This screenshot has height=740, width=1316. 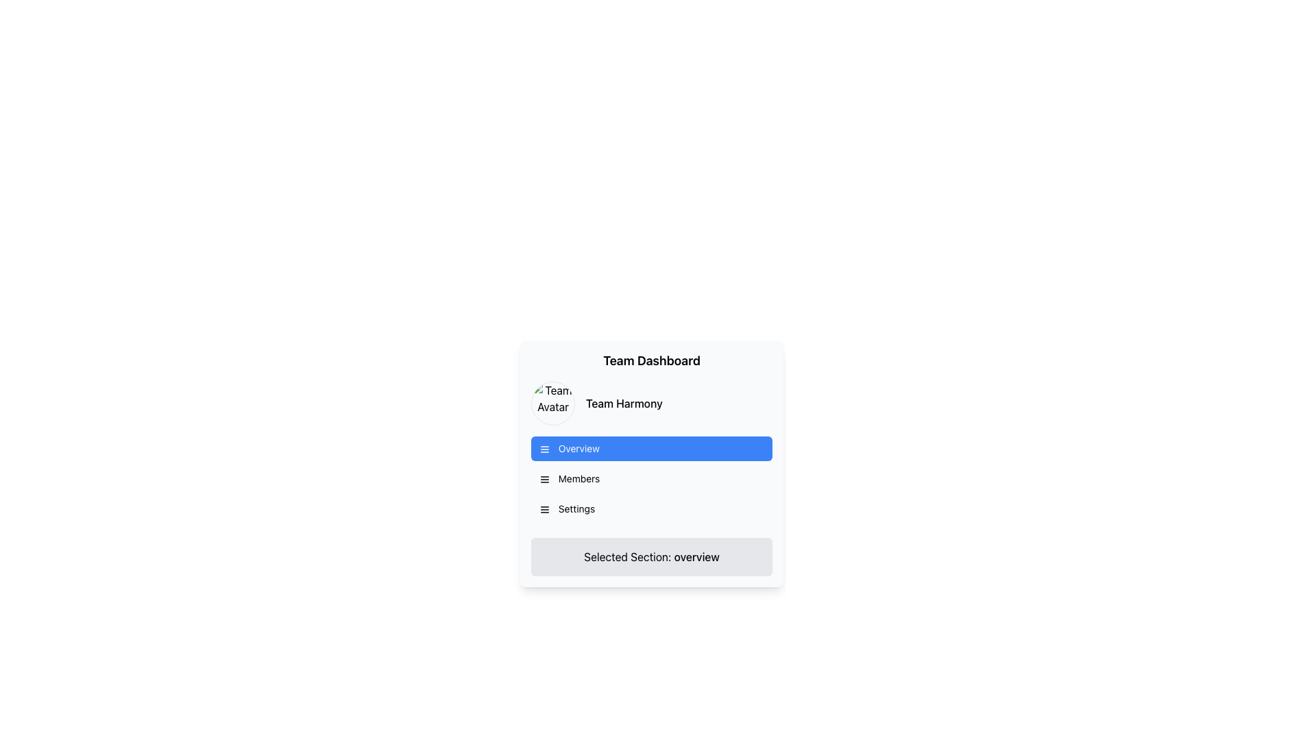 I want to click on title of the Text Heading located at the top center of the white card interface, which serves as a section title indicating the context or subject of the content within the card, so click(x=650, y=360).